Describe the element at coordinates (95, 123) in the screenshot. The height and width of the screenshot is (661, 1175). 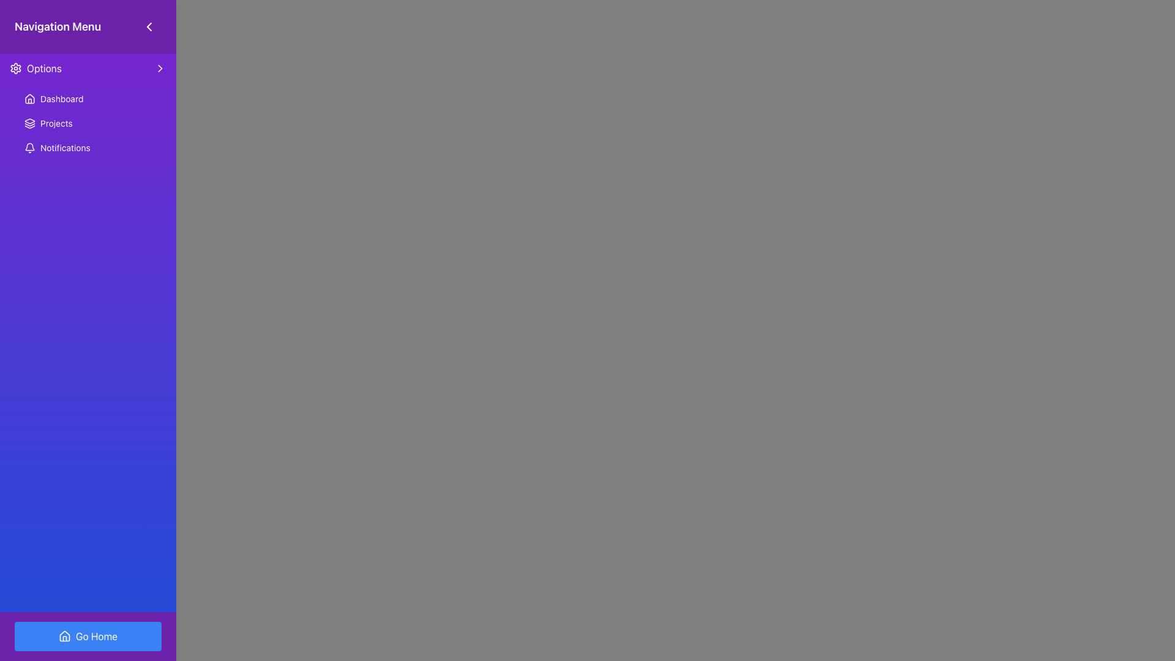
I see `the 'Projects' navigation link, which is the second item in the menu list, positioned below the 'Dashboard' and above the 'Notifications'` at that location.